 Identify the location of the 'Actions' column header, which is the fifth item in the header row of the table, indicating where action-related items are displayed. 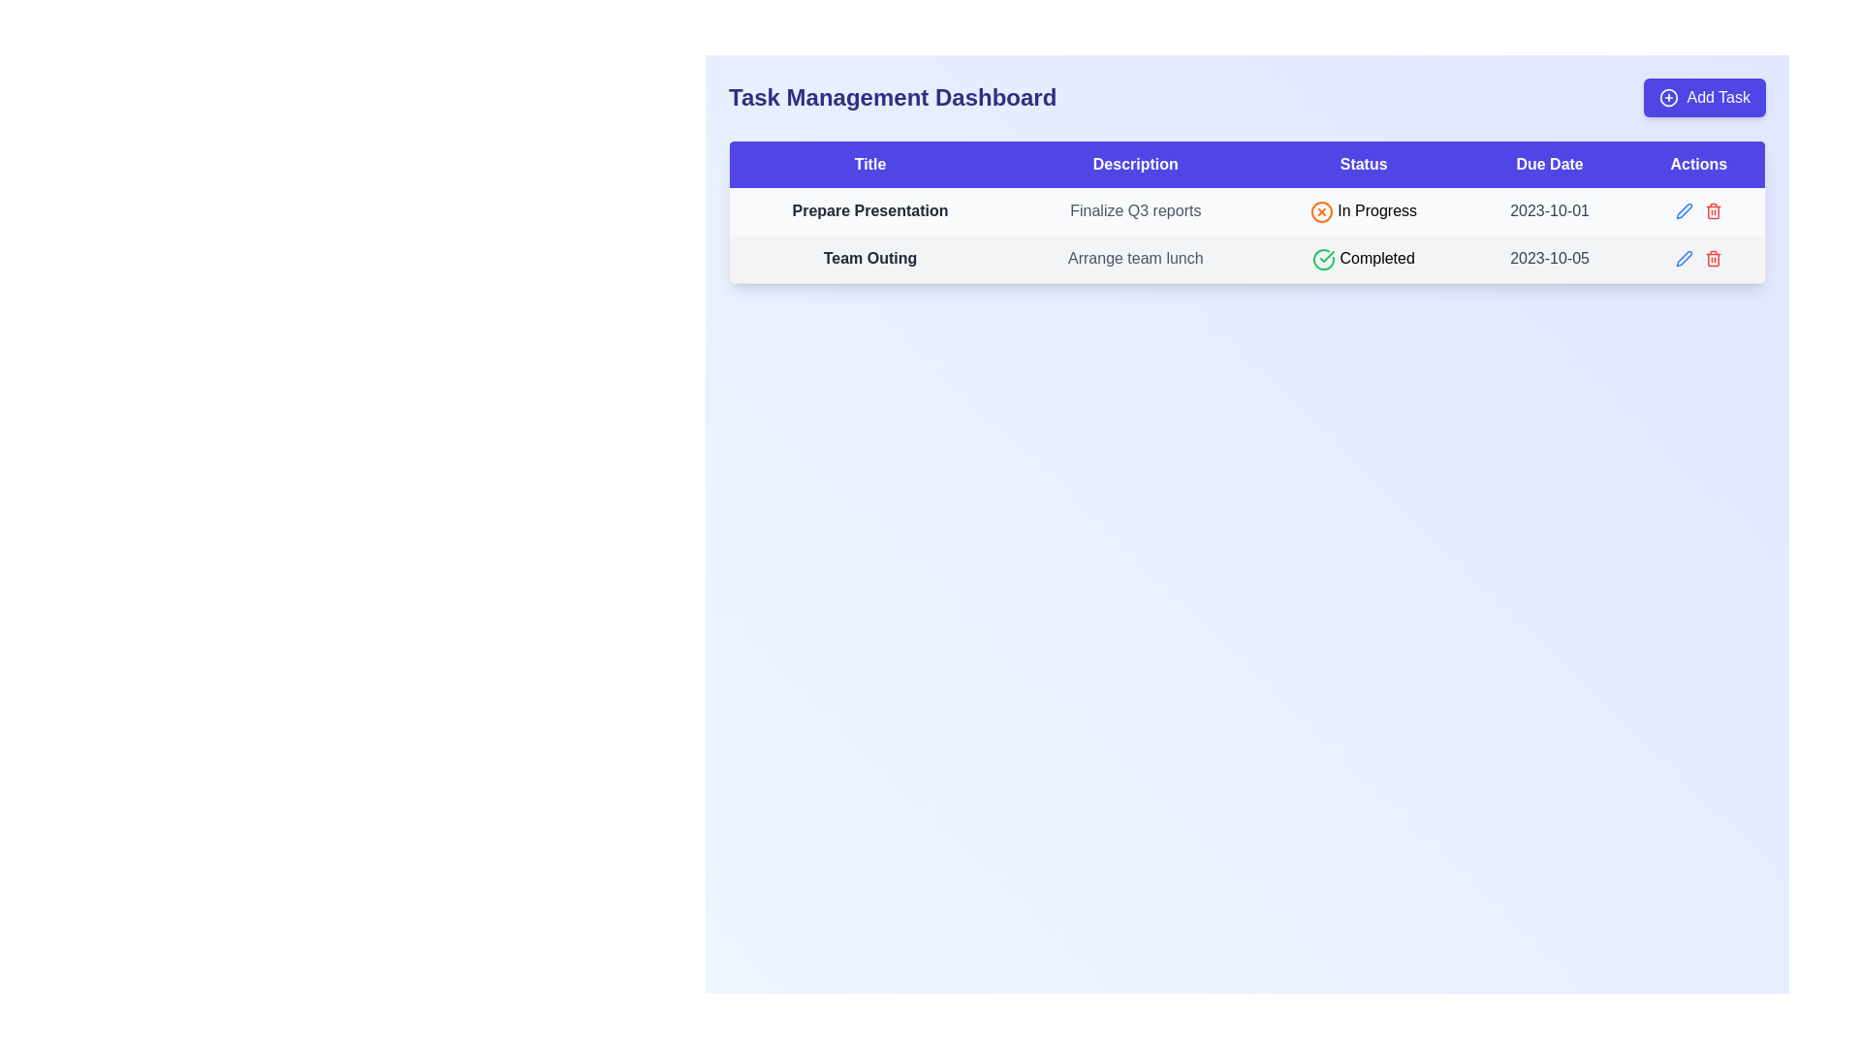
(1697, 163).